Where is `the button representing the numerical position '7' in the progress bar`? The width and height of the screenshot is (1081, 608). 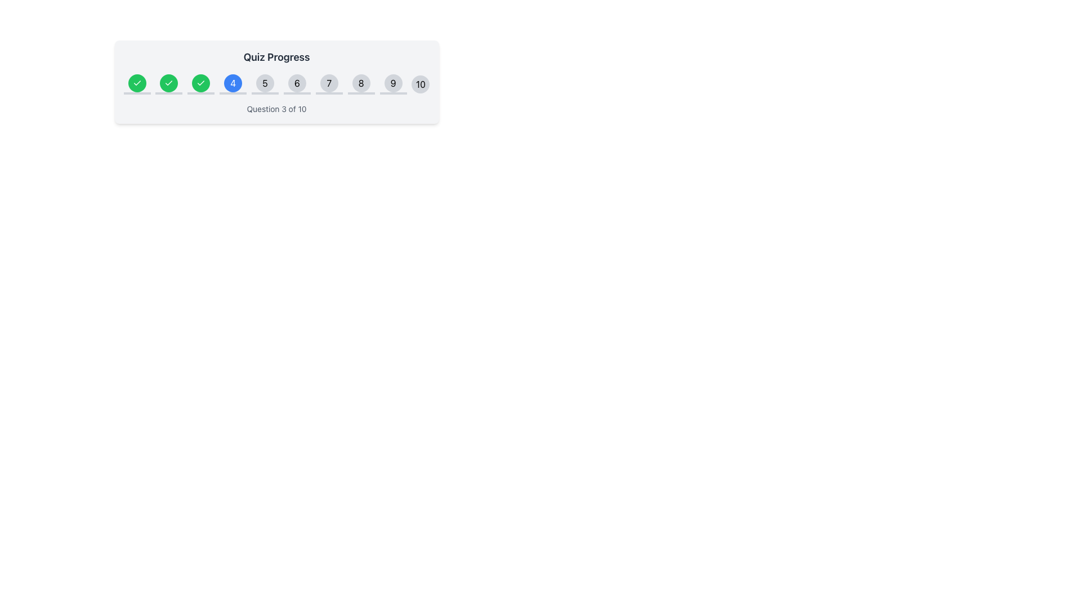 the button representing the numerical position '7' in the progress bar is located at coordinates (328, 82).